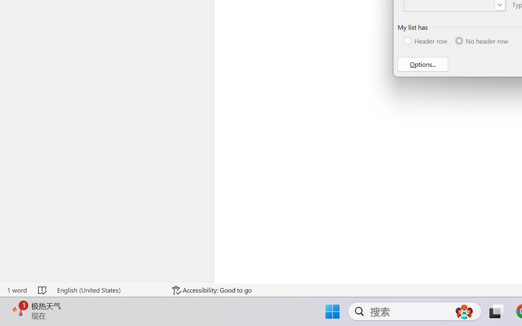 The width and height of the screenshot is (522, 326). I want to click on 'Accessibility Checker Accessibility: Good to go', so click(212, 290).